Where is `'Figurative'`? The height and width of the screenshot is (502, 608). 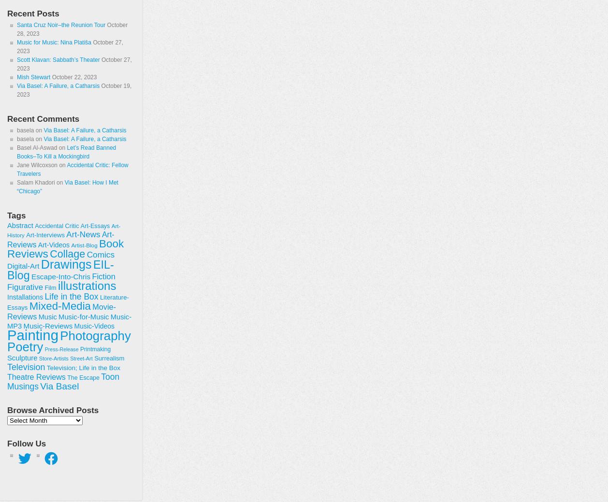 'Figurative' is located at coordinates (25, 287).